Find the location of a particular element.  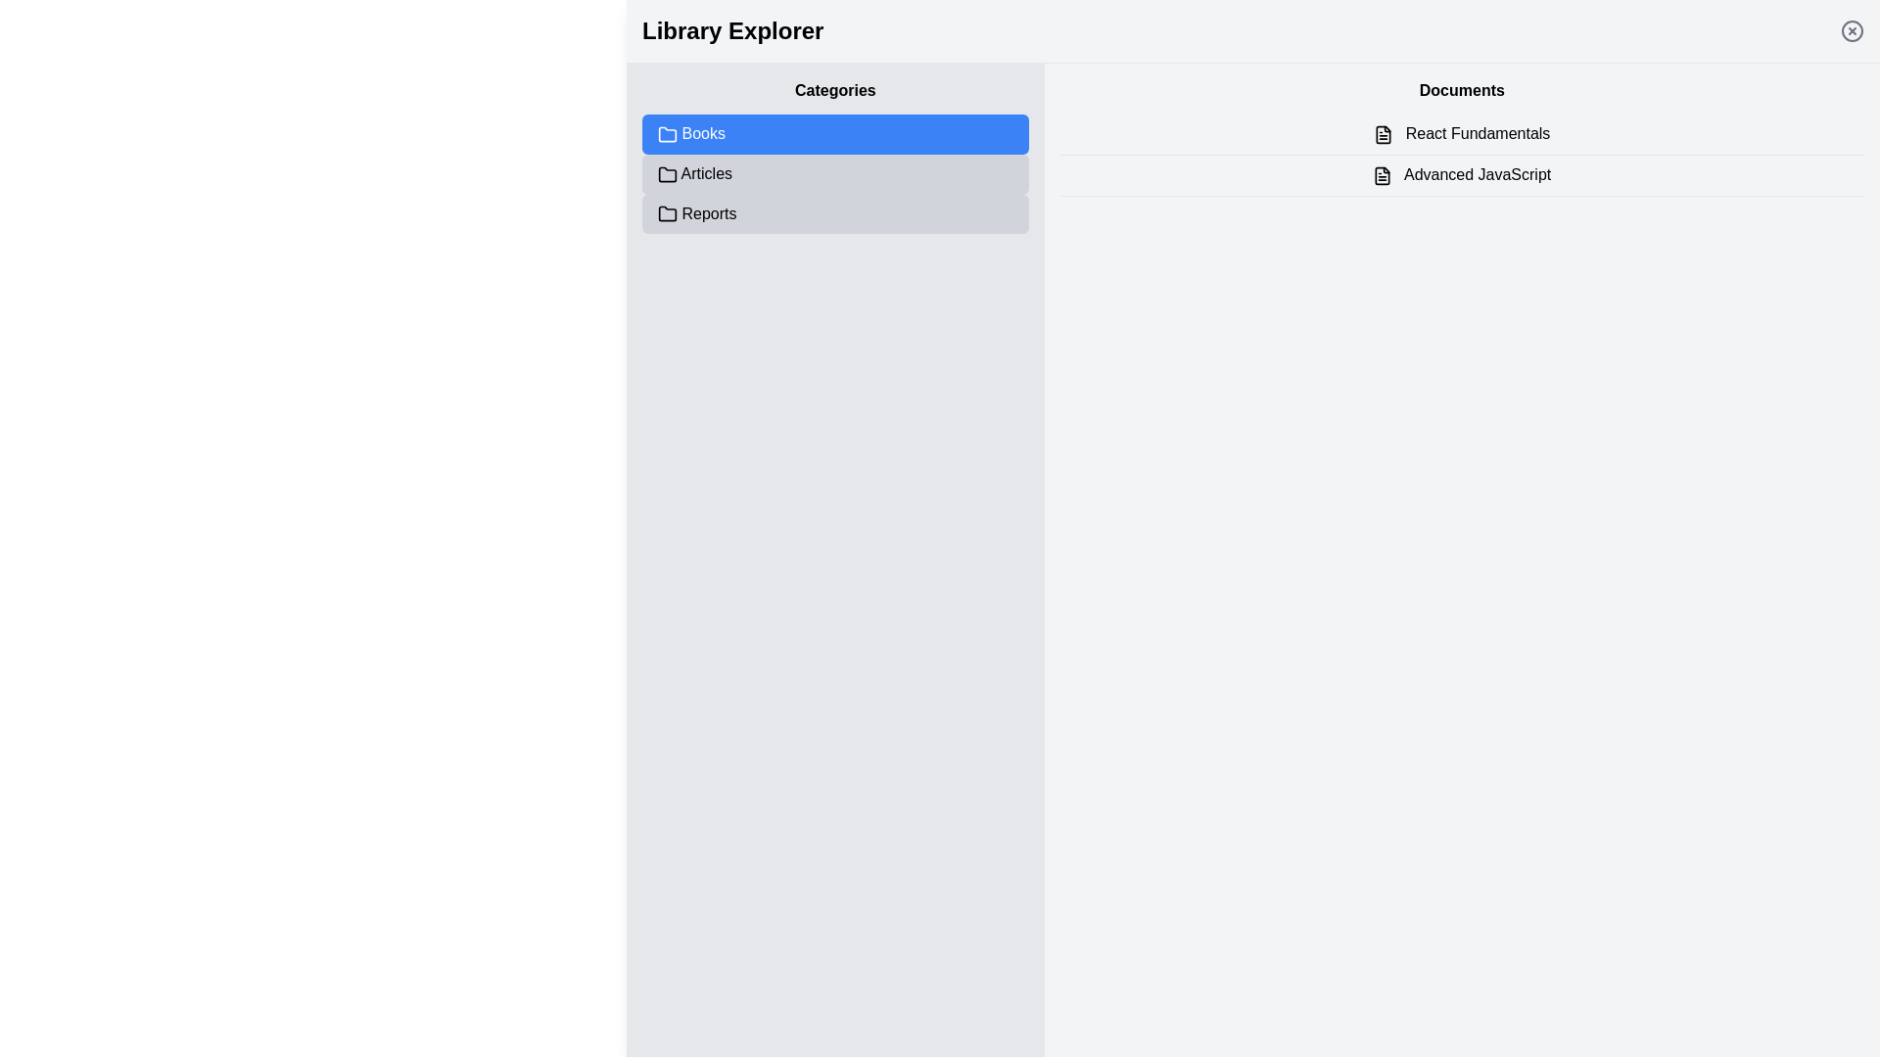

the document icon located next to the 'Advanced JavaScript' text in the 'Documents' section is located at coordinates (1382, 174).